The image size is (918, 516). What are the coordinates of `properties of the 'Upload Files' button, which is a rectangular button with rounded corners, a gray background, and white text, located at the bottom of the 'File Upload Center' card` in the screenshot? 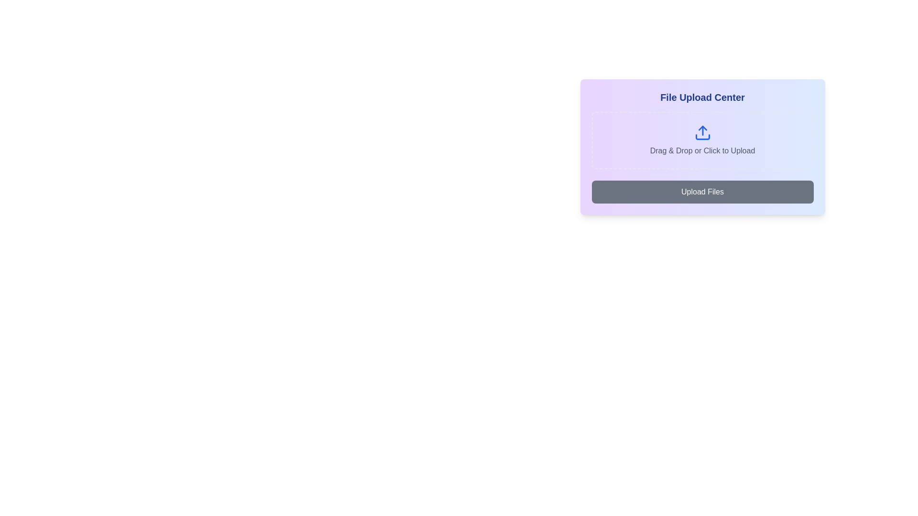 It's located at (702, 192).